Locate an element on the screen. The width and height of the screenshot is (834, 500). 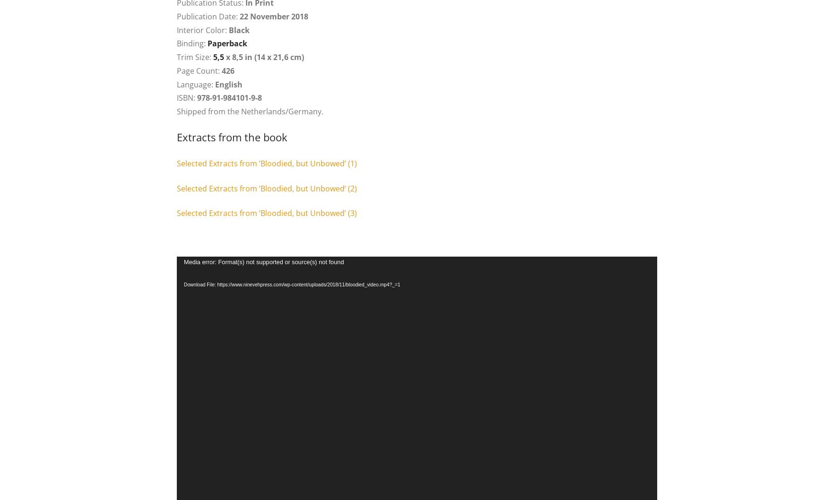
'22 November 2018' is located at coordinates (274, 16).